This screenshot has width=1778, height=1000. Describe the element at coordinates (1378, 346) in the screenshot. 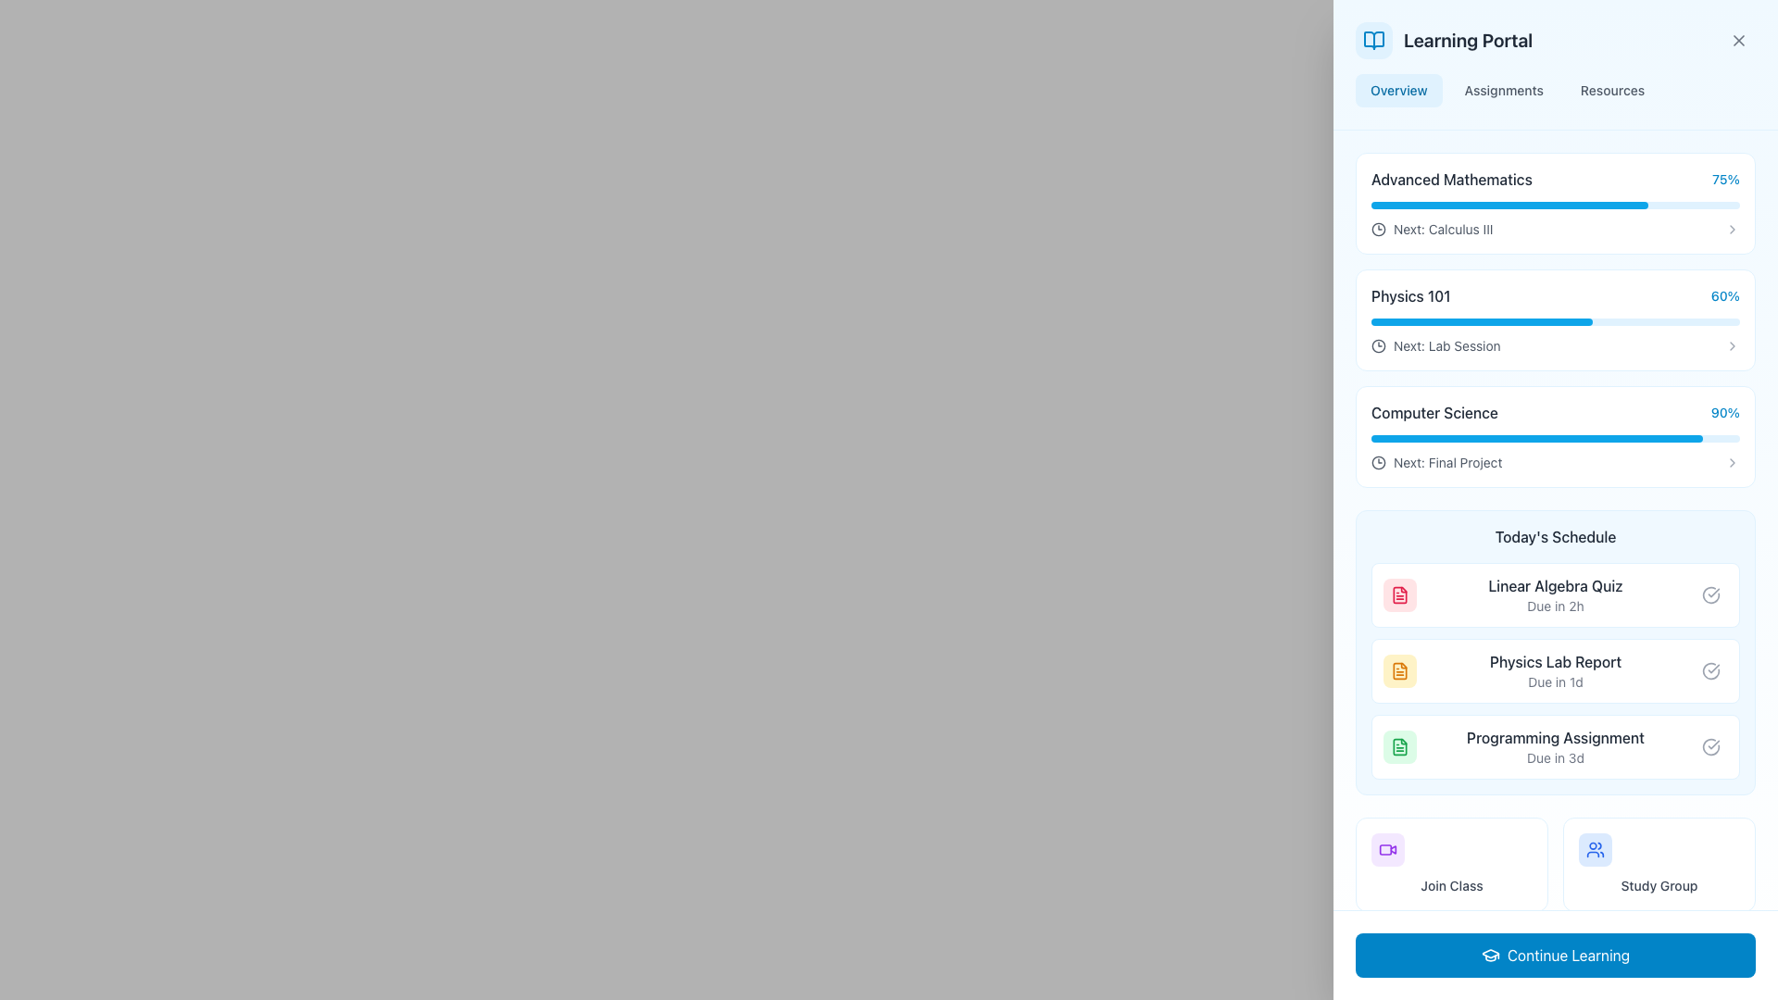

I see `the decorative circle element that serves as part of the clock-like icon adjacent to the 'Computer Science' progress bar` at that location.